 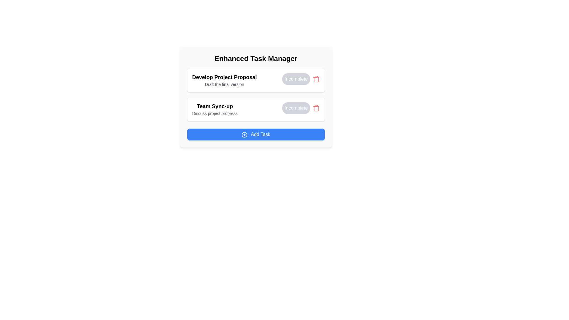 I want to click on the 'Team Sync-up' status button to prepare for keyboard navigation, so click(x=296, y=108).